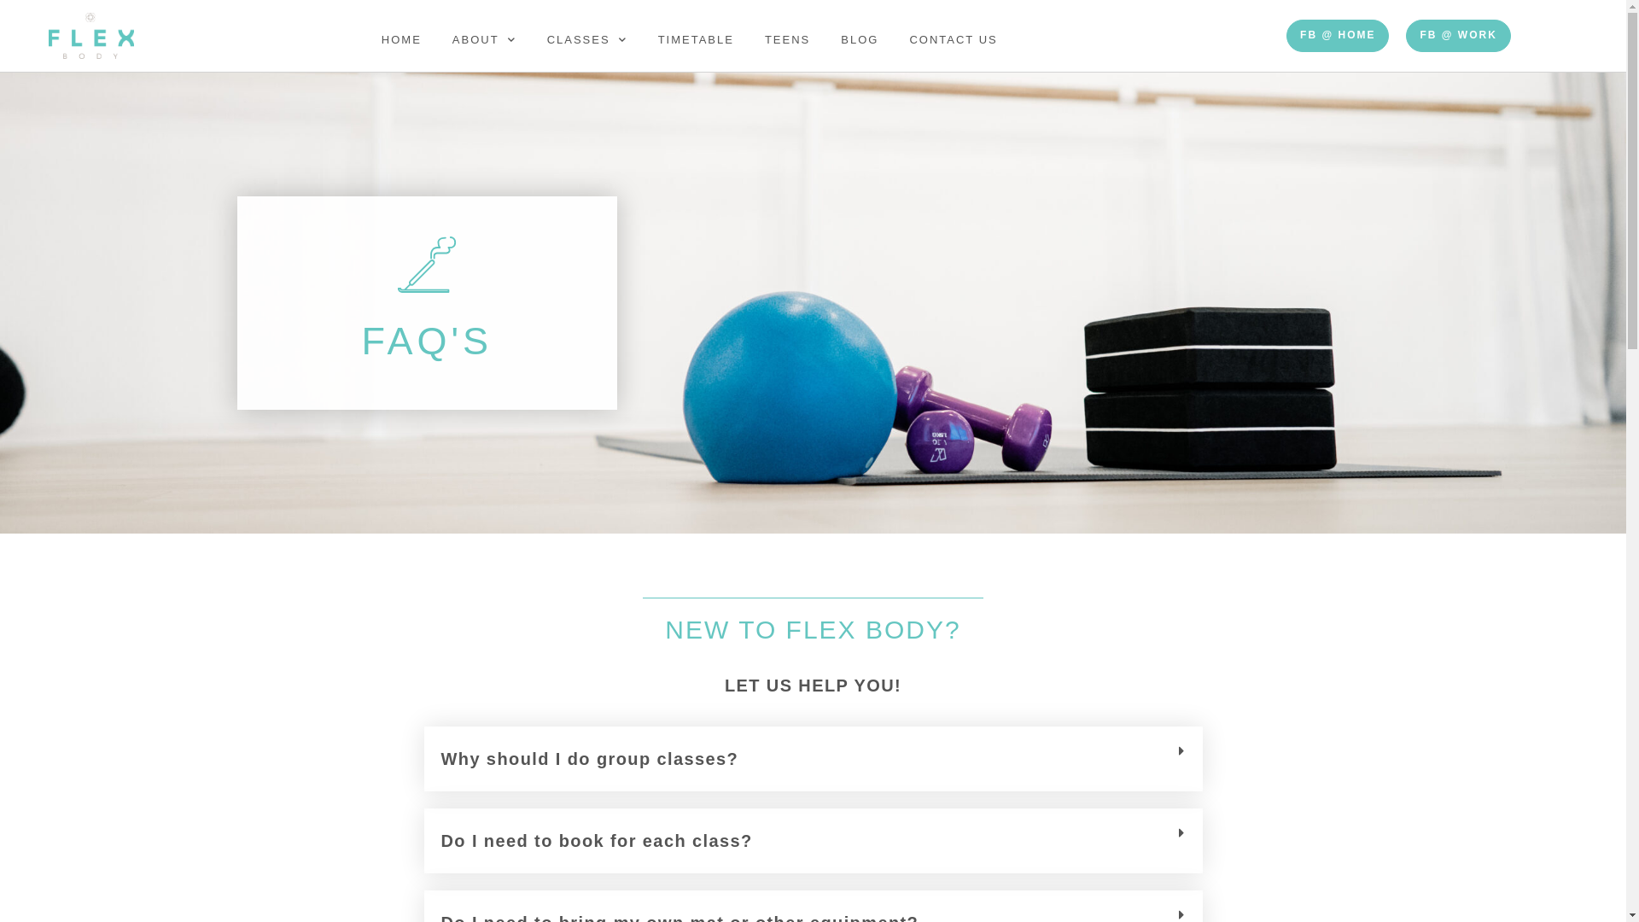 The width and height of the screenshot is (1639, 922). Describe the element at coordinates (825, 38) in the screenshot. I see `'BLOG'` at that location.